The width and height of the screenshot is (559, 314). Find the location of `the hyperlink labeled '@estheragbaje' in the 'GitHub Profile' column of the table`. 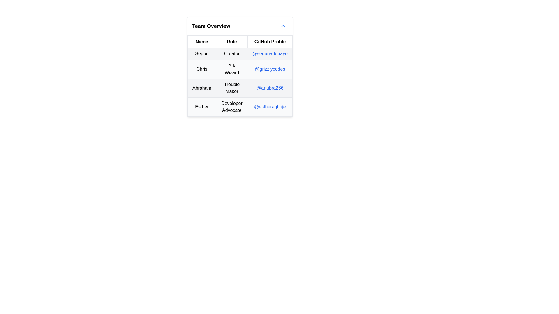

the hyperlink labeled '@estheragbaje' in the 'GitHub Profile' column of the table is located at coordinates (269, 106).